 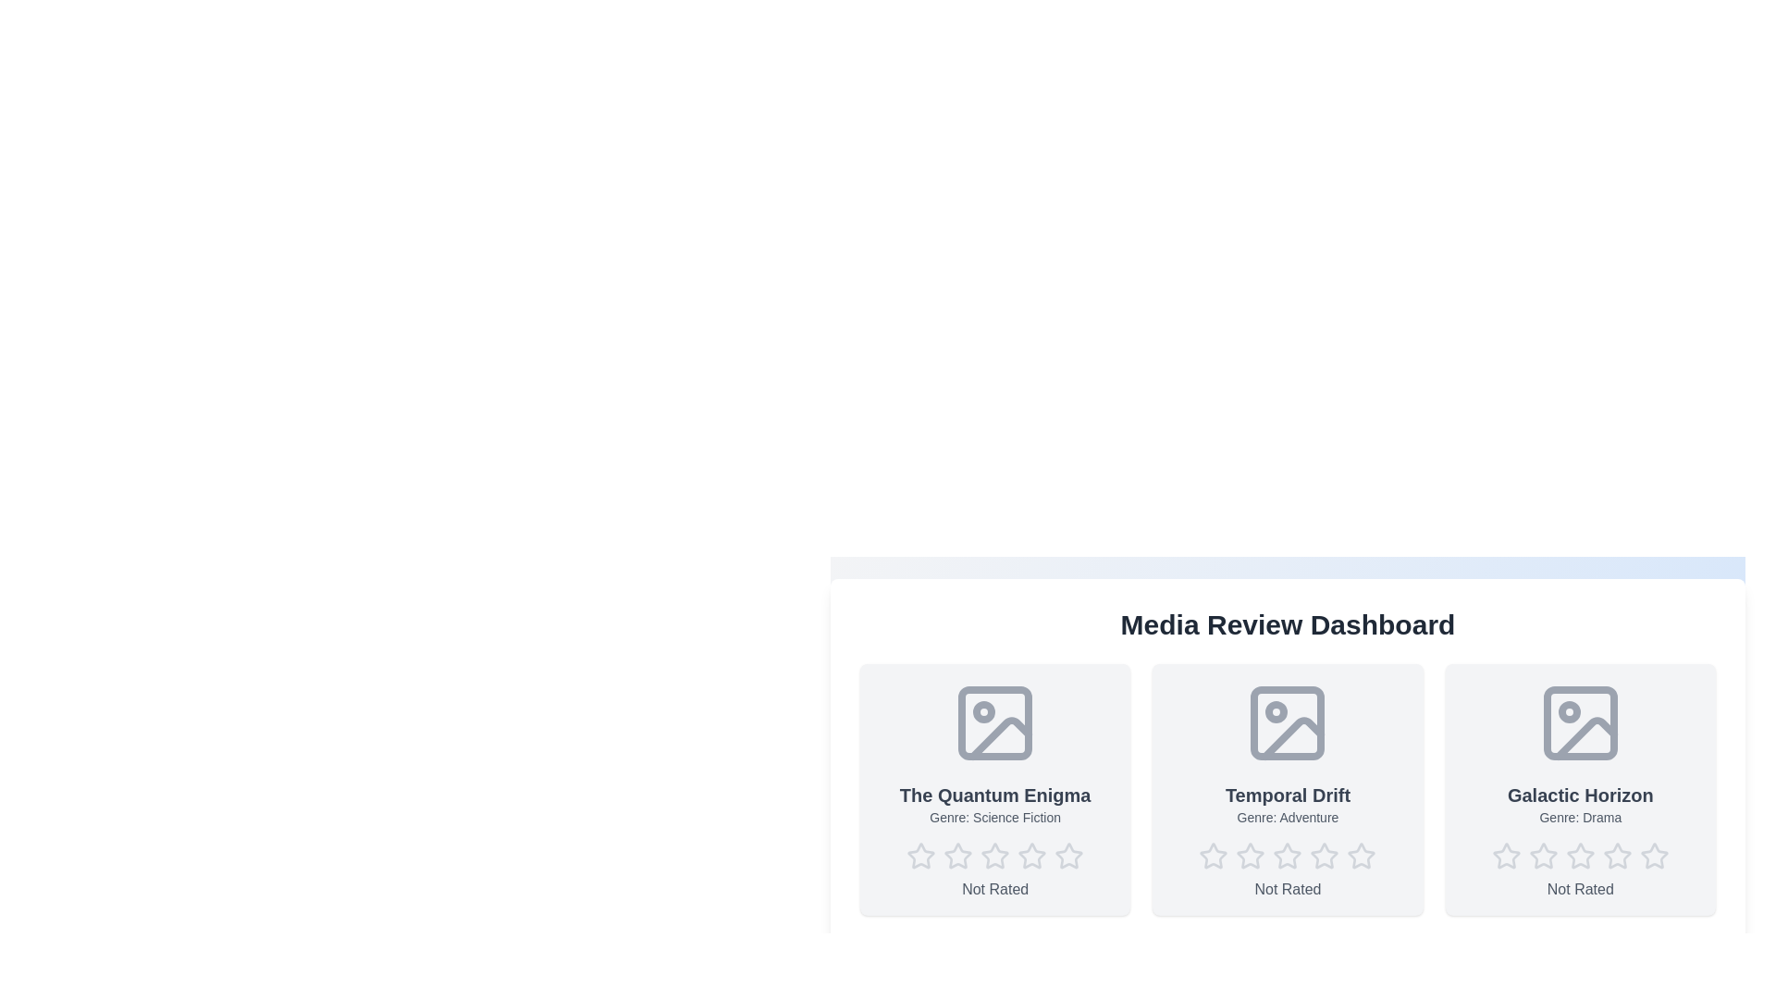 I want to click on the title of the media item Galactic Horizon to select or highlight it, so click(x=1579, y=795).